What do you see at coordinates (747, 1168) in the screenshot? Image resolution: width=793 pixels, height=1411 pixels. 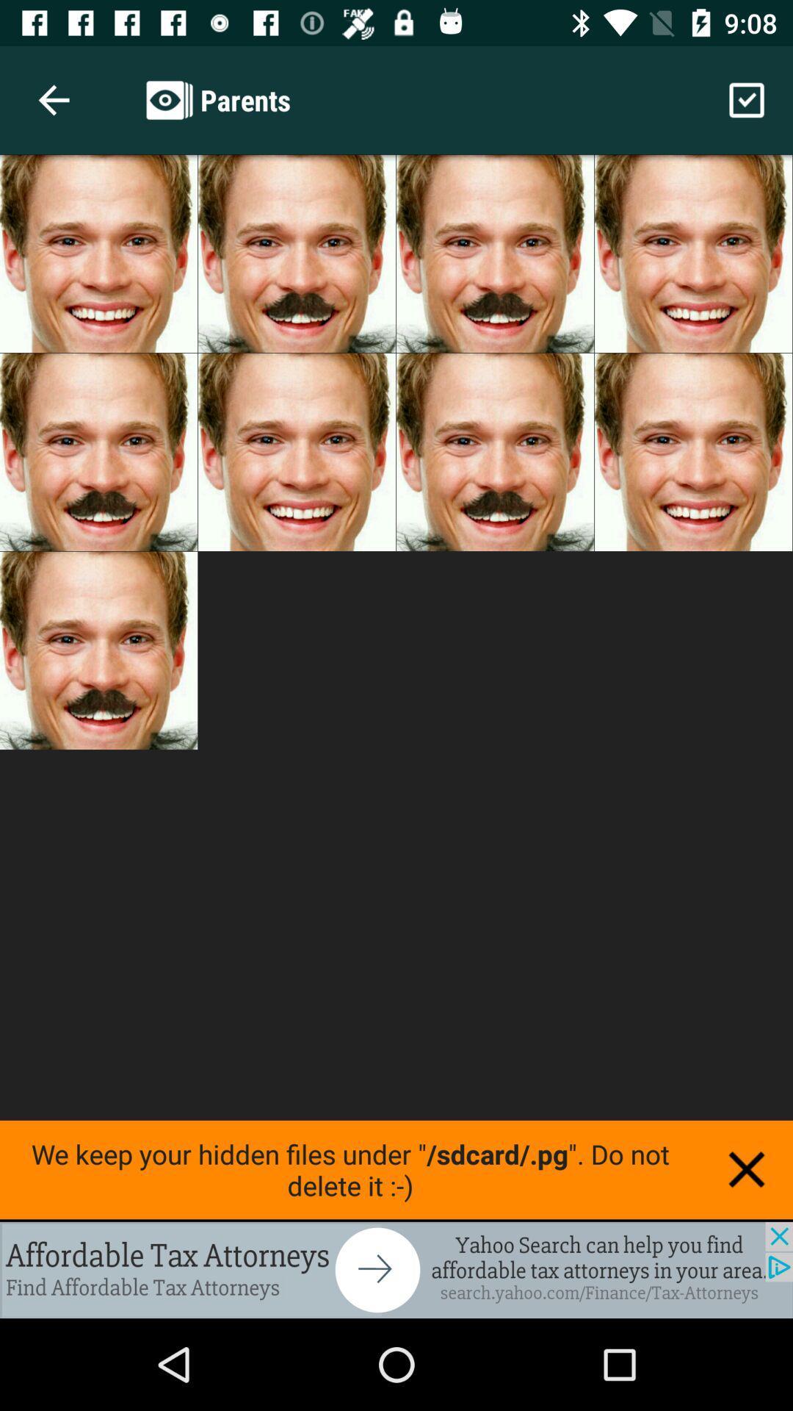 I see `exit lower pop up` at bounding box center [747, 1168].